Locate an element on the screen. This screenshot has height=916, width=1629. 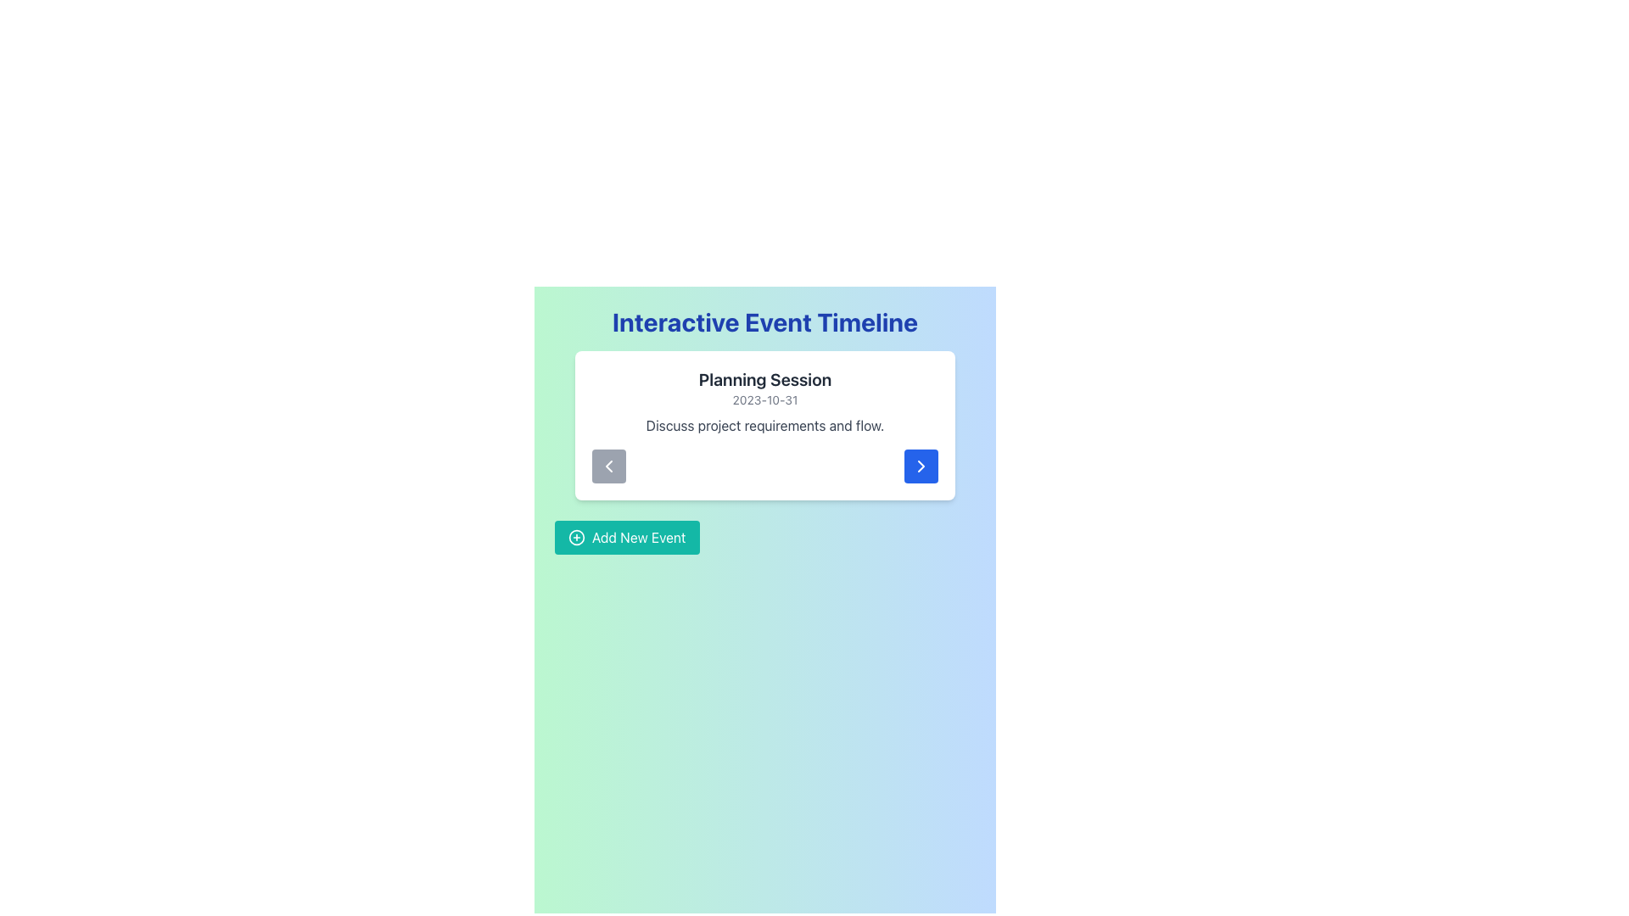
the blue square button with a white leftward chevron icon, located within the event card component to the left of the descriptive text is located at coordinates (609, 466).